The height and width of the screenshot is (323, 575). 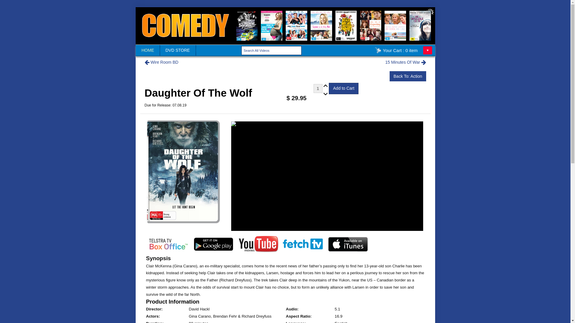 What do you see at coordinates (389, 76) in the screenshot?
I see `'Back To: Action'` at bounding box center [389, 76].